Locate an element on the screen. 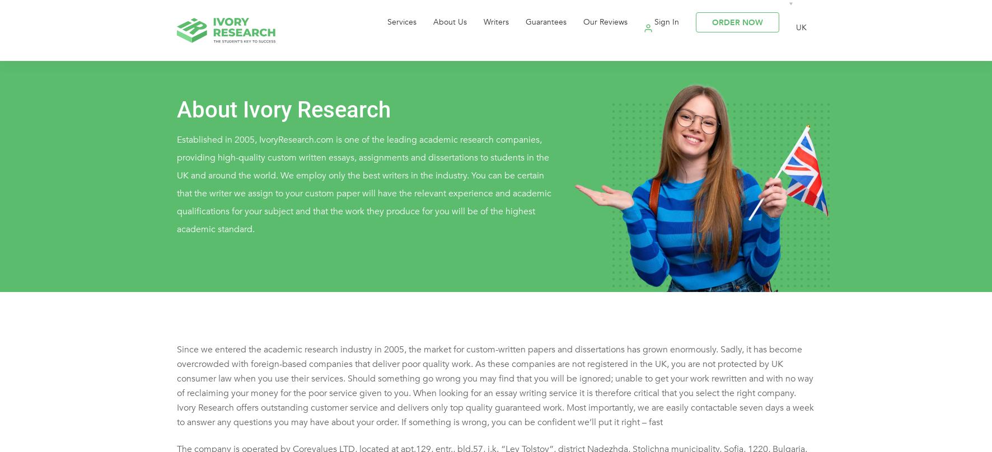 This screenshot has width=992, height=452. 'ES' is located at coordinates (776, 93).